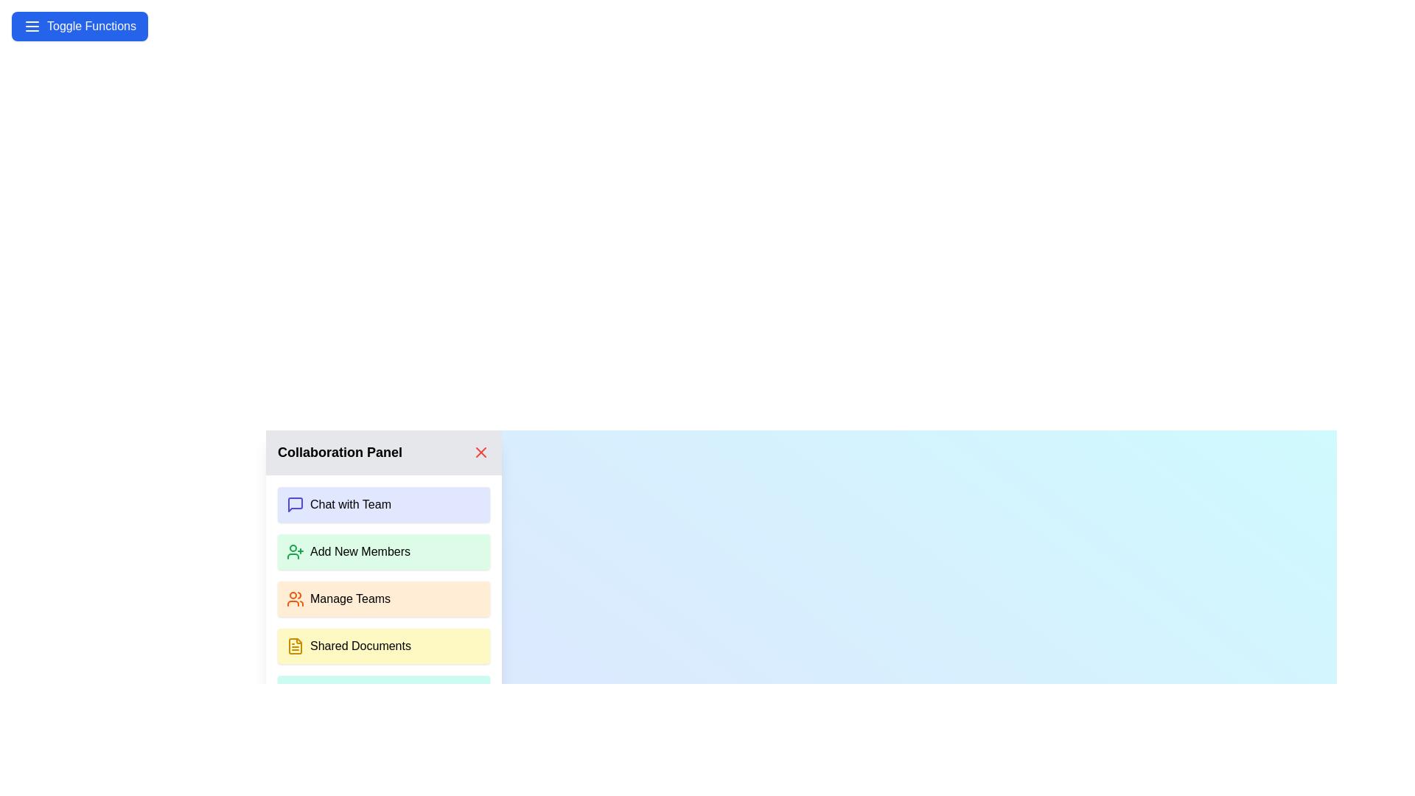  Describe the element at coordinates (481, 451) in the screenshot. I see `the close icon located in the top-right corner of the 'Collaboration Panel'` at that location.